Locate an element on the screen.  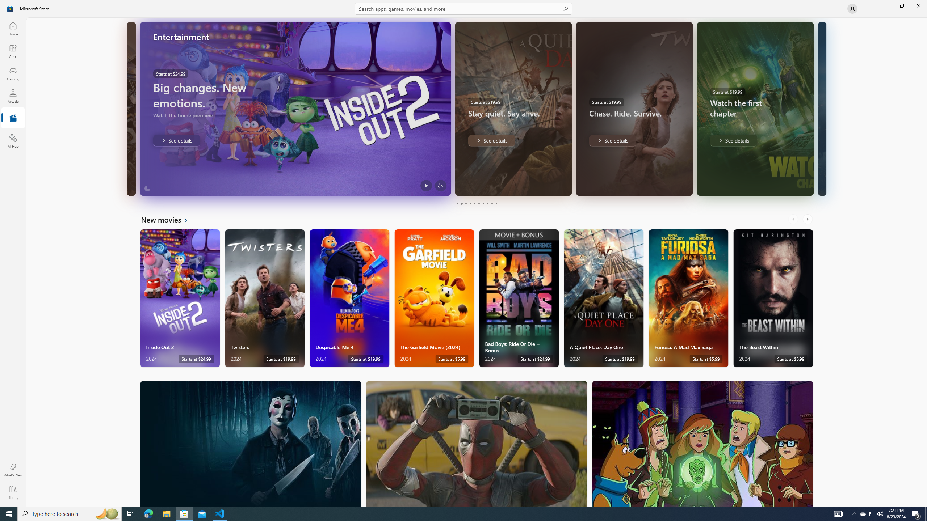
'Page 7' is located at coordinates (482, 203).